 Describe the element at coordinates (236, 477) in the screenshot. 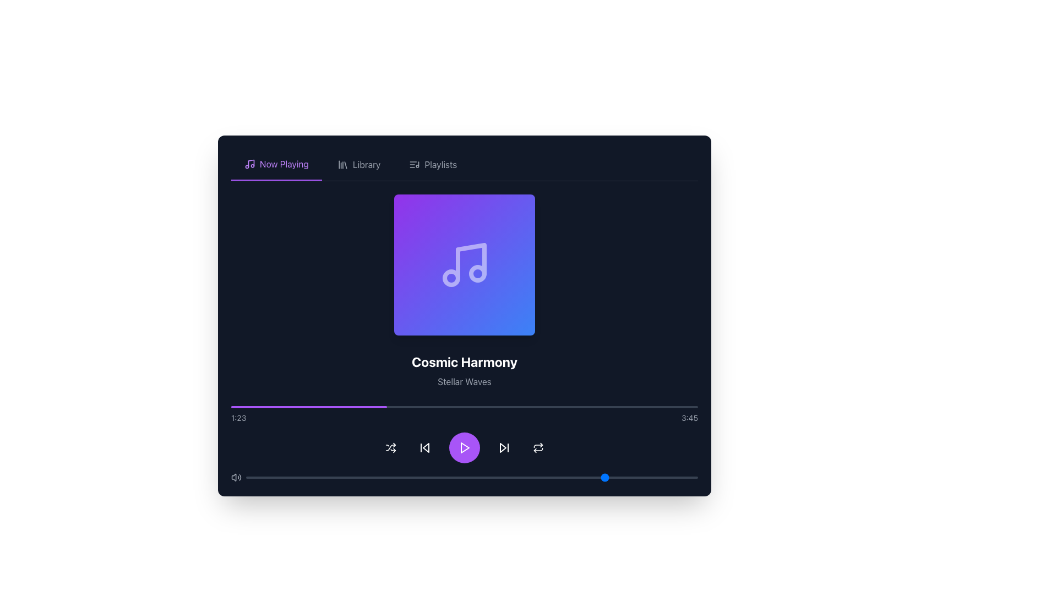

I see `the volume control icon located in the bottom-left corner of the horizontal control bar` at that location.